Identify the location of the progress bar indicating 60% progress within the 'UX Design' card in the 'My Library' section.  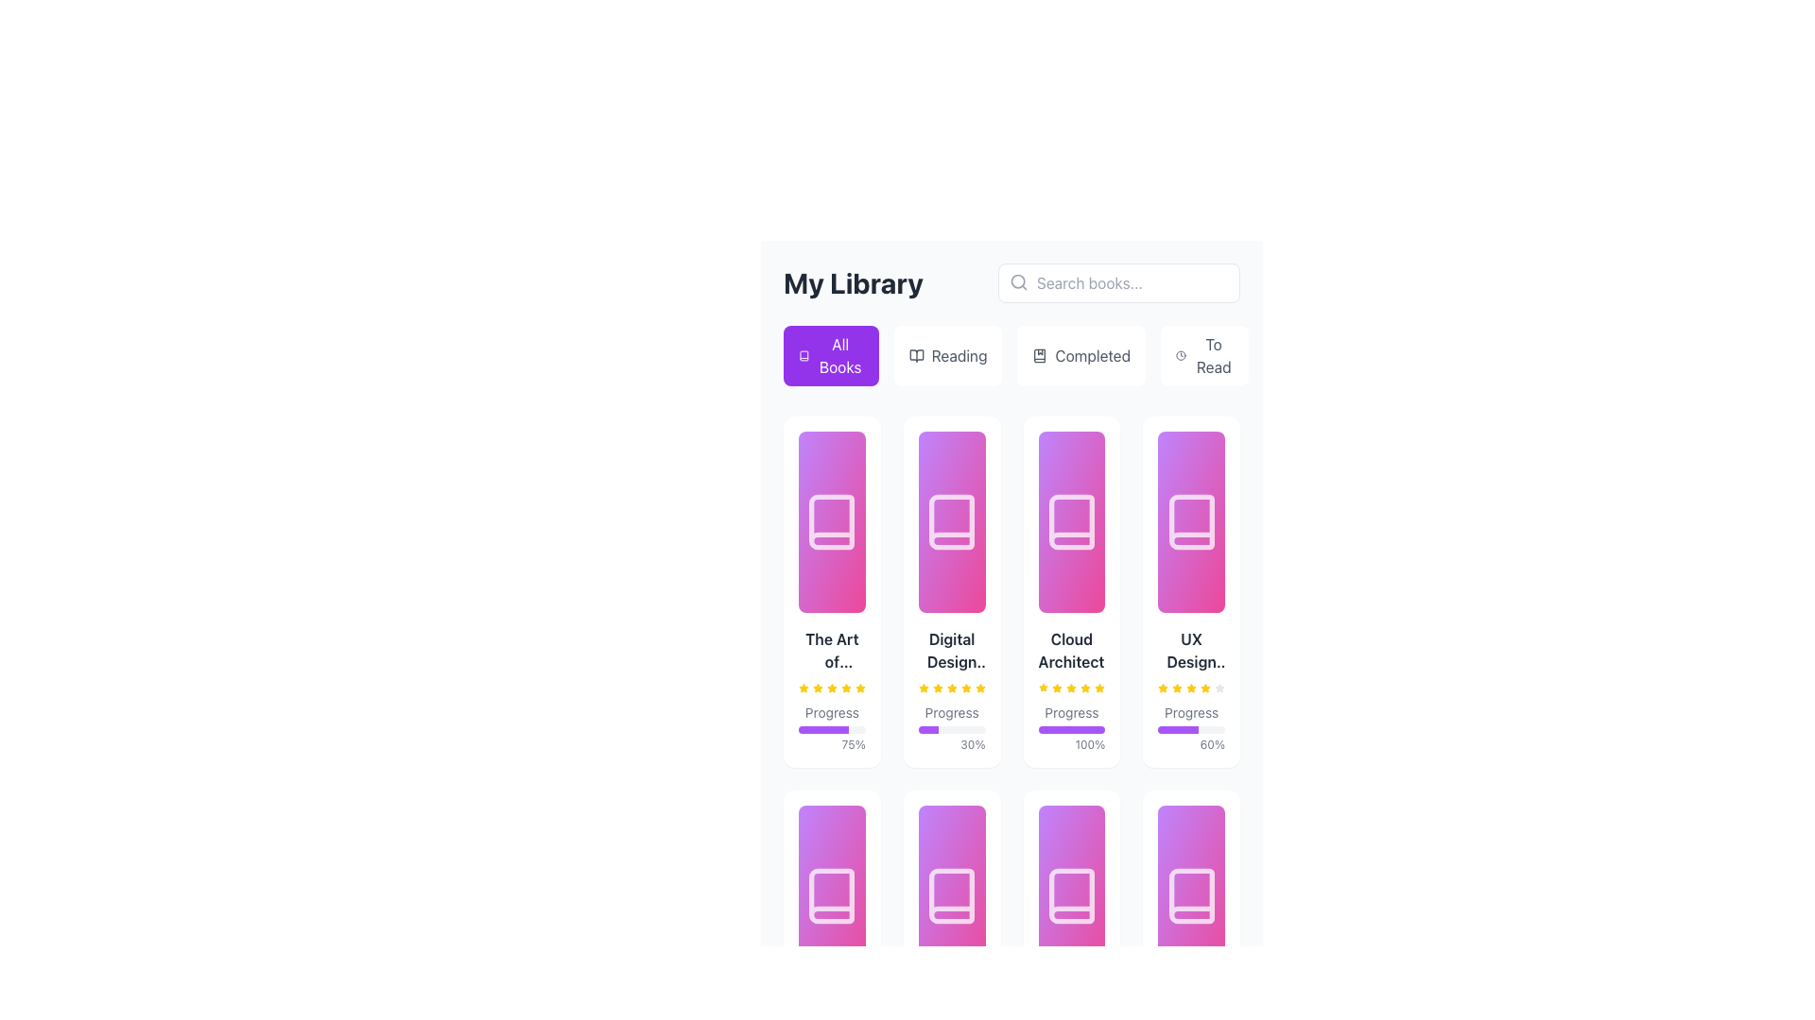
(1177, 728).